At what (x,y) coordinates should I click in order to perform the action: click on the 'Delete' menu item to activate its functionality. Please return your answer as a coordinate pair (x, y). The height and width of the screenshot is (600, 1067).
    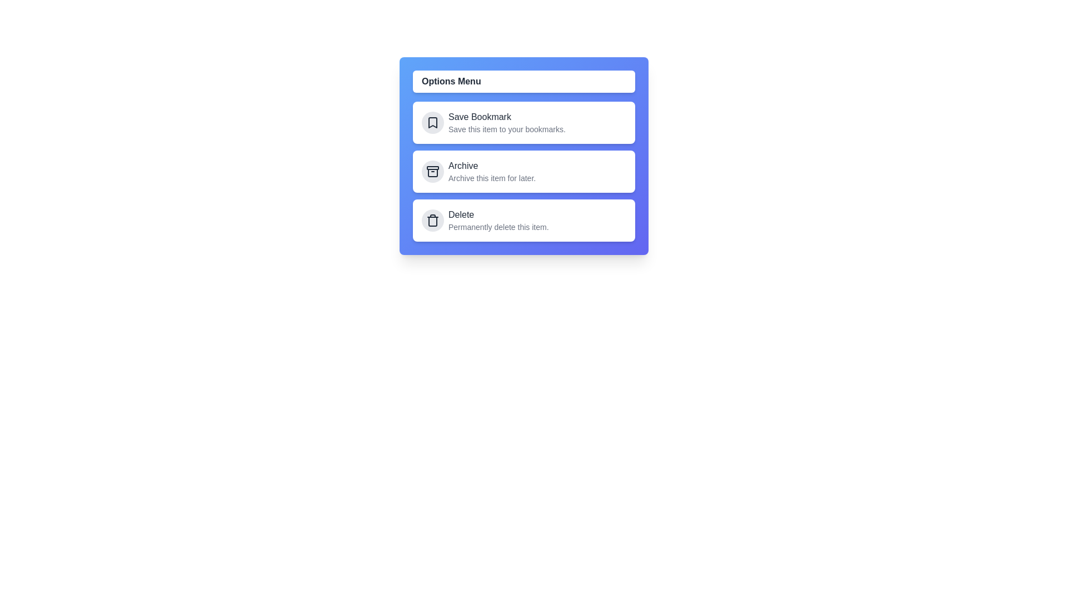
    Looking at the image, I should click on (523, 221).